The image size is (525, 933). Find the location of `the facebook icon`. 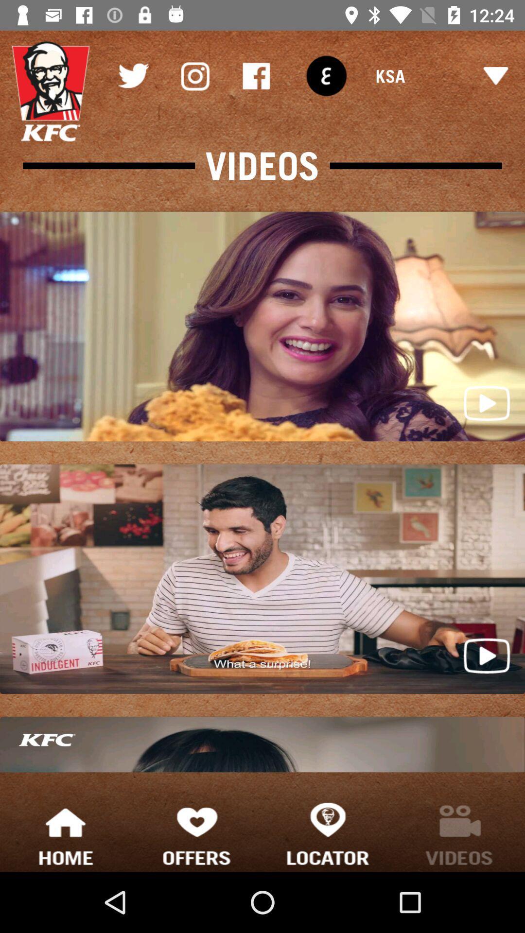

the facebook icon is located at coordinates (256, 75).